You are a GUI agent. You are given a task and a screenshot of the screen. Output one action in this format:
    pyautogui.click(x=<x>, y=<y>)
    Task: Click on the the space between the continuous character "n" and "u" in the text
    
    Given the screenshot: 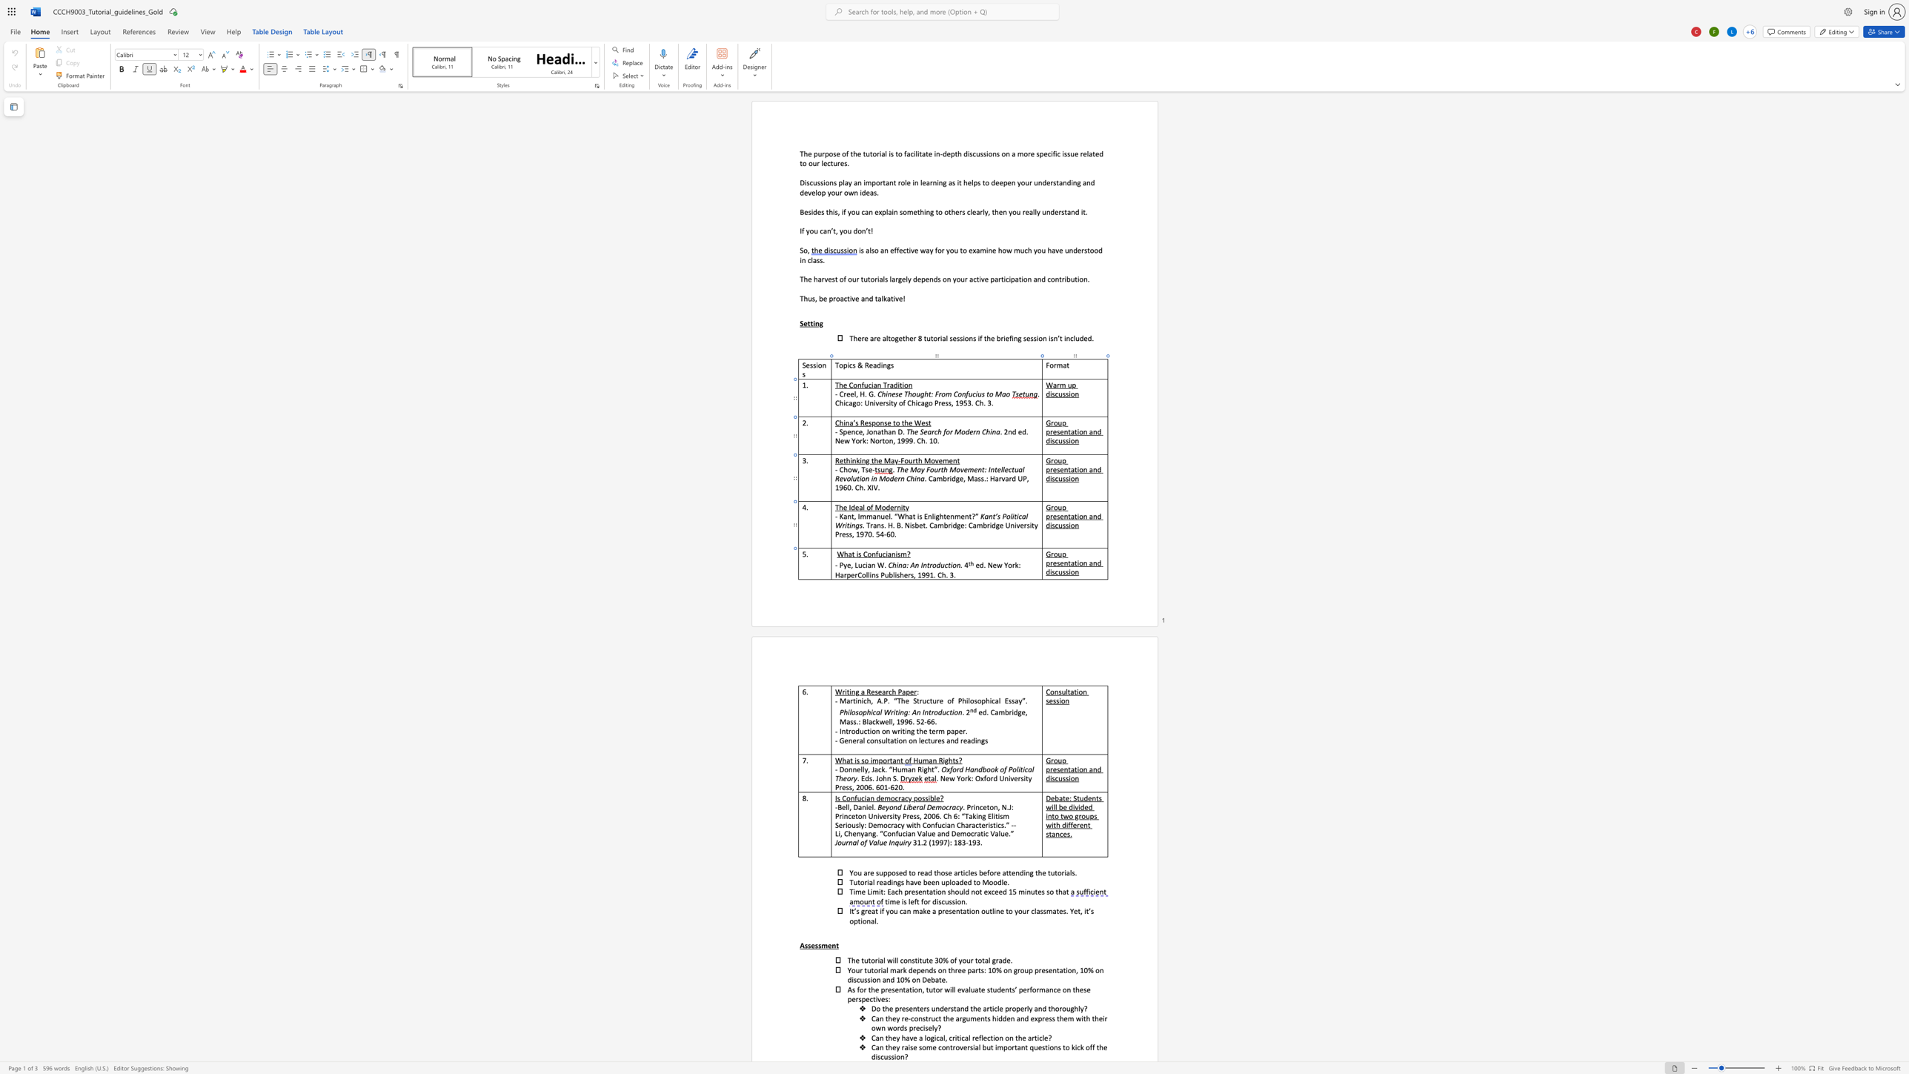 What is the action you would take?
    pyautogui.click(x=880, y=516)
    